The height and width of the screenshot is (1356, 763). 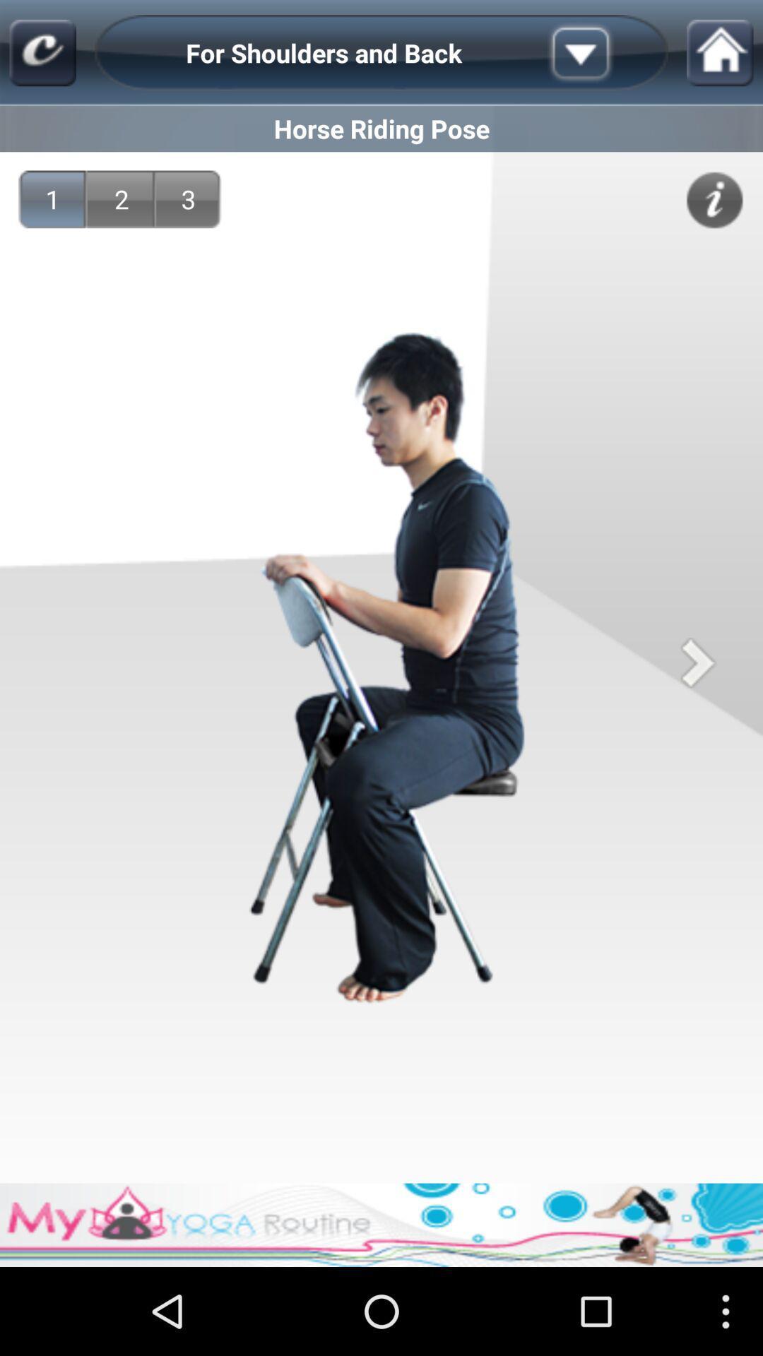 I want to click on icon above the horse riding pose icon, so click(x=42, y=53).